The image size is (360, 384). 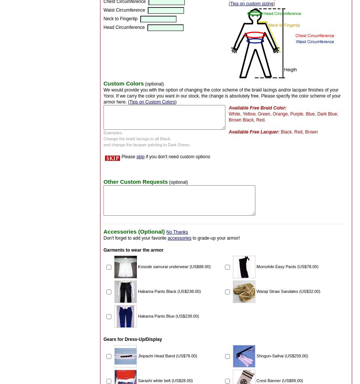 What do you see at coordinates (133, 249) in the screenshot?
I see `'Garments to wear the armor'` at bounding box center [133, 249].